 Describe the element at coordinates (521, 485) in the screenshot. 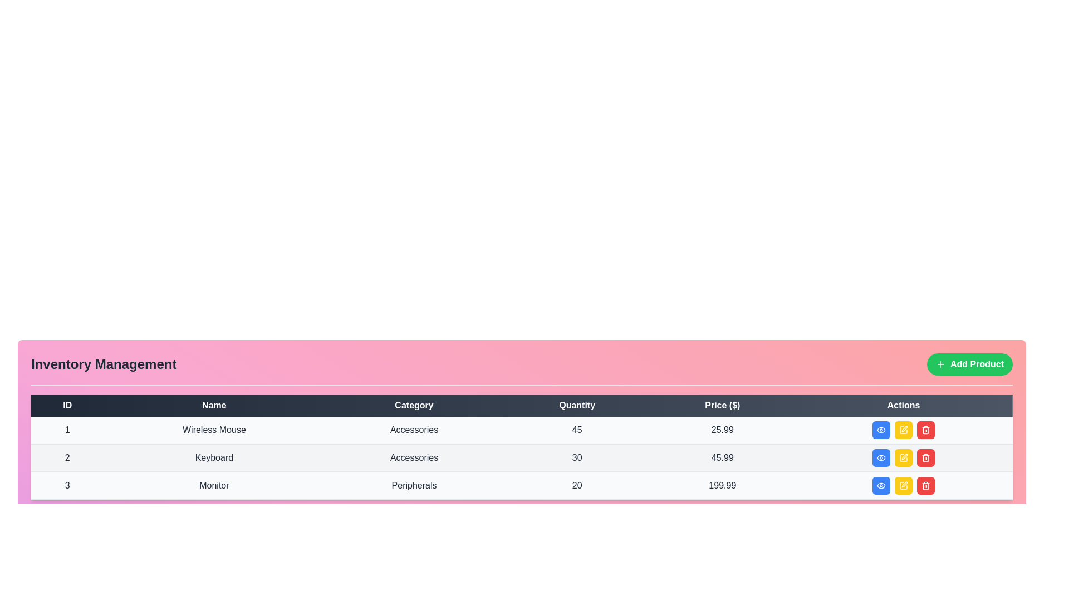

I see `the third row in the 'Inventory Management' table` at that location.